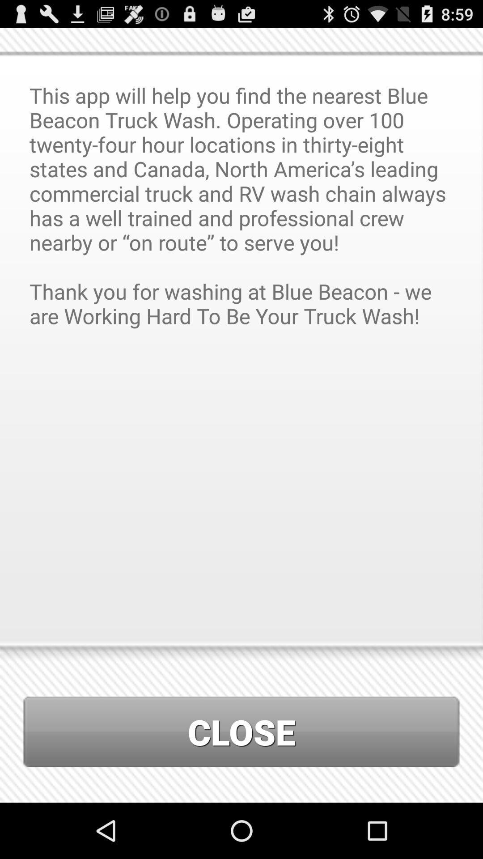 Image resolution: width=483 pixels, height=859 pixels. I want to click on the icon below the this app will icon, so click(241, 731).